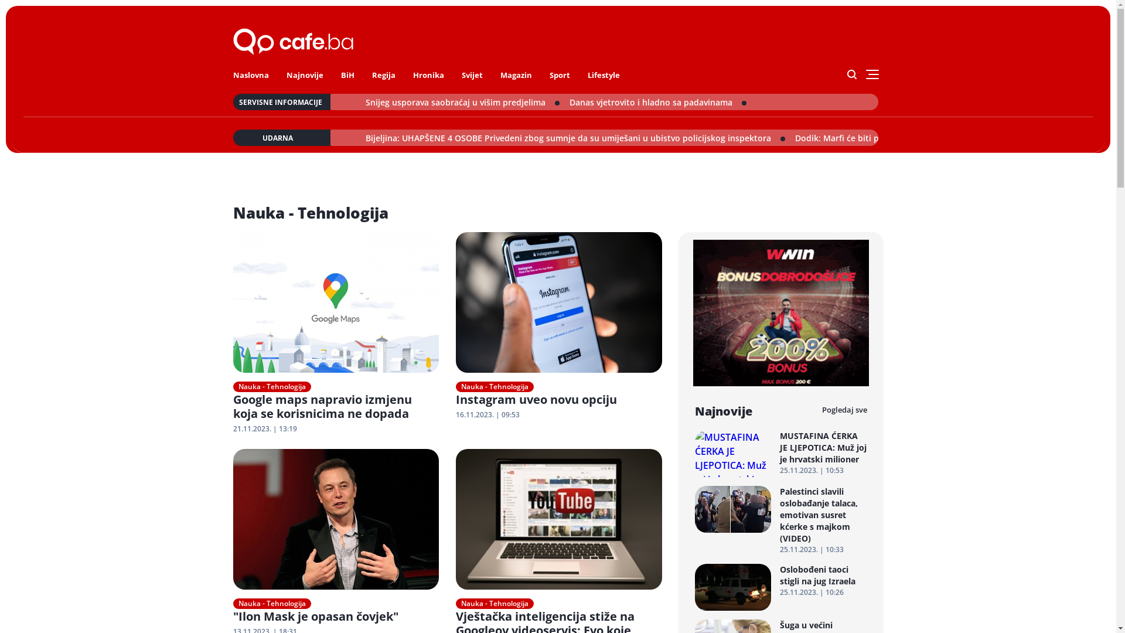 Image resolution: width=1125 pixels, height=633 pixels. Describe the element at coordinates (844, 409) in the screenshot. I see `'Pogledaj sve'` at that location.